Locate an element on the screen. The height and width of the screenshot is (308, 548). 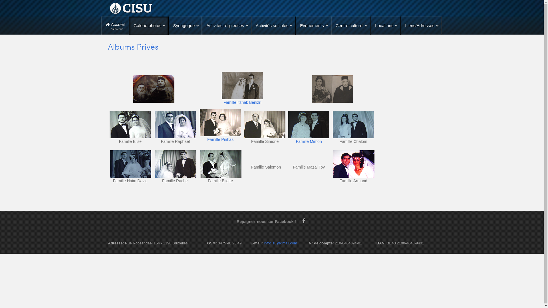
'Galerie photos' is located at coordinates (149, 25).